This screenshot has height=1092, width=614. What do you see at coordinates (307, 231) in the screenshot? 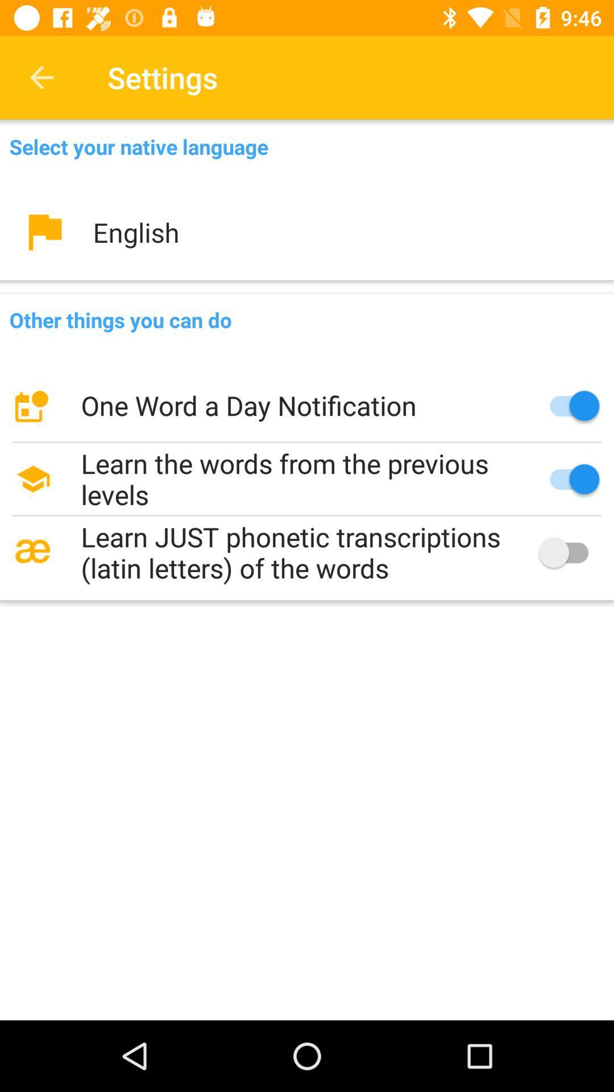
I see `the icon below select your native item` at bounding box center [307, 231].